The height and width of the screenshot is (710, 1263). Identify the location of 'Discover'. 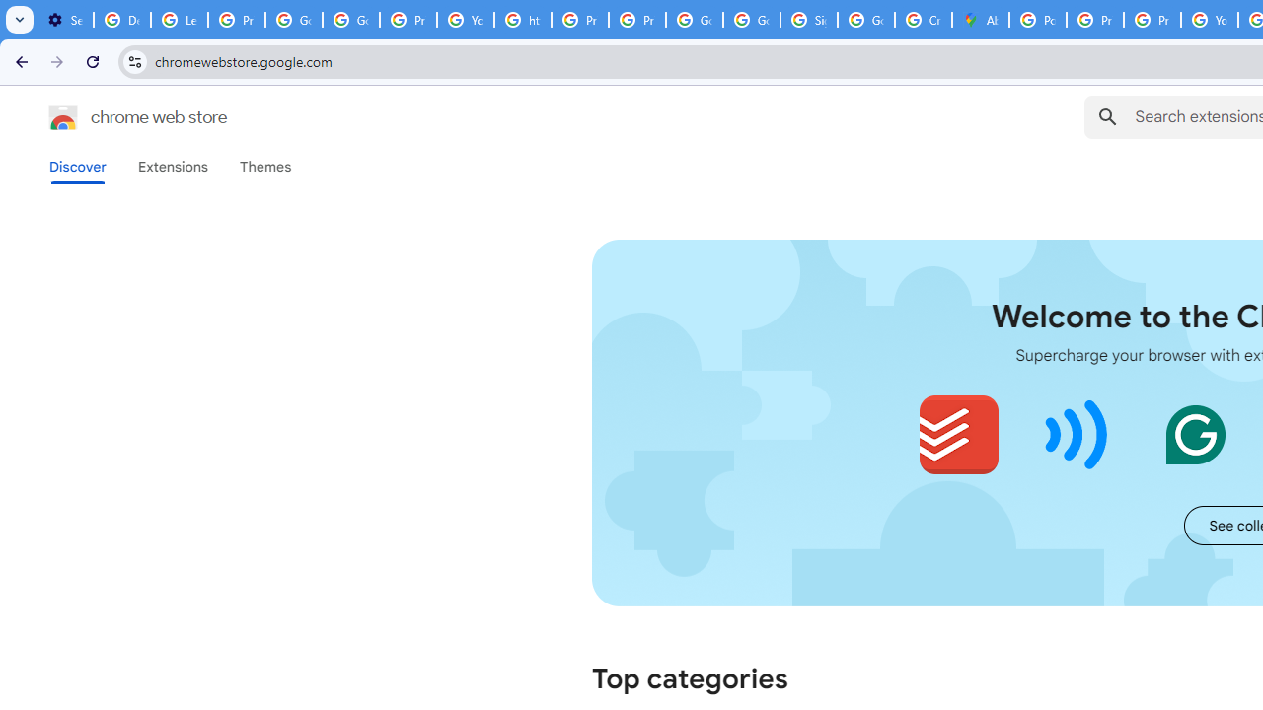
(78, 166).